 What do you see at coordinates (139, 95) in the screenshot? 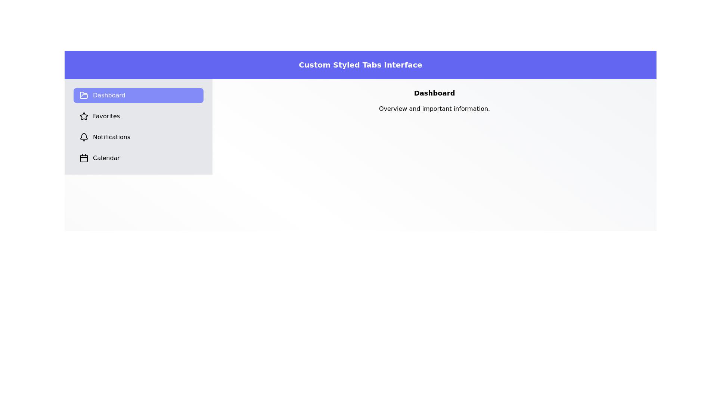
I see `the Dashboard tab to switch the content` at bounding box center [139, 95].